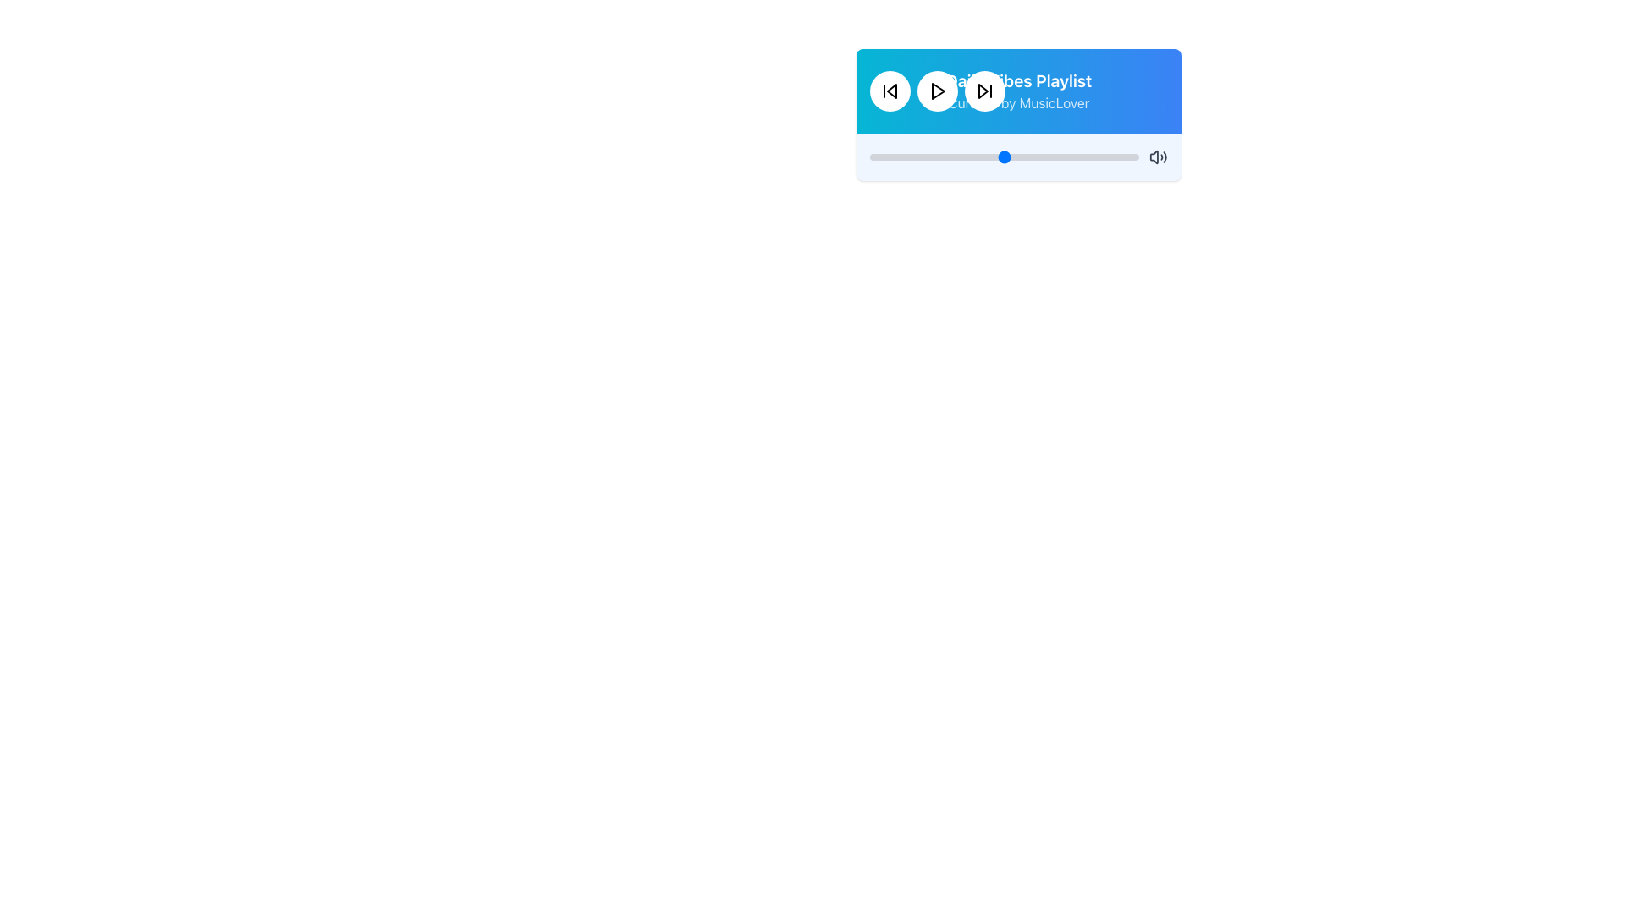  Describe the element at coordinates (1137, 153) in the screenshot. I see `the slider's value` at that location.